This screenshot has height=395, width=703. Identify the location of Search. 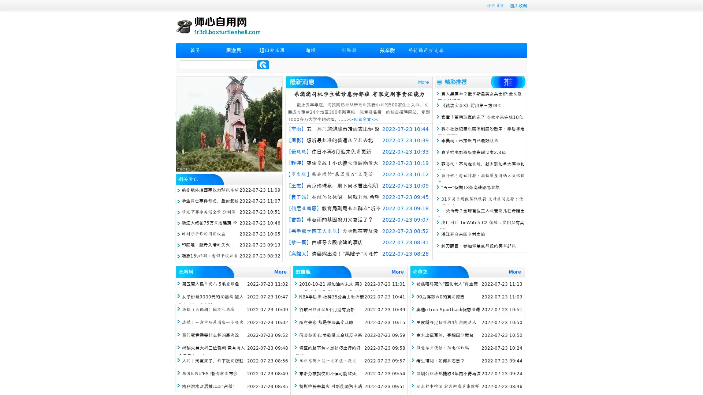
(263, 64).